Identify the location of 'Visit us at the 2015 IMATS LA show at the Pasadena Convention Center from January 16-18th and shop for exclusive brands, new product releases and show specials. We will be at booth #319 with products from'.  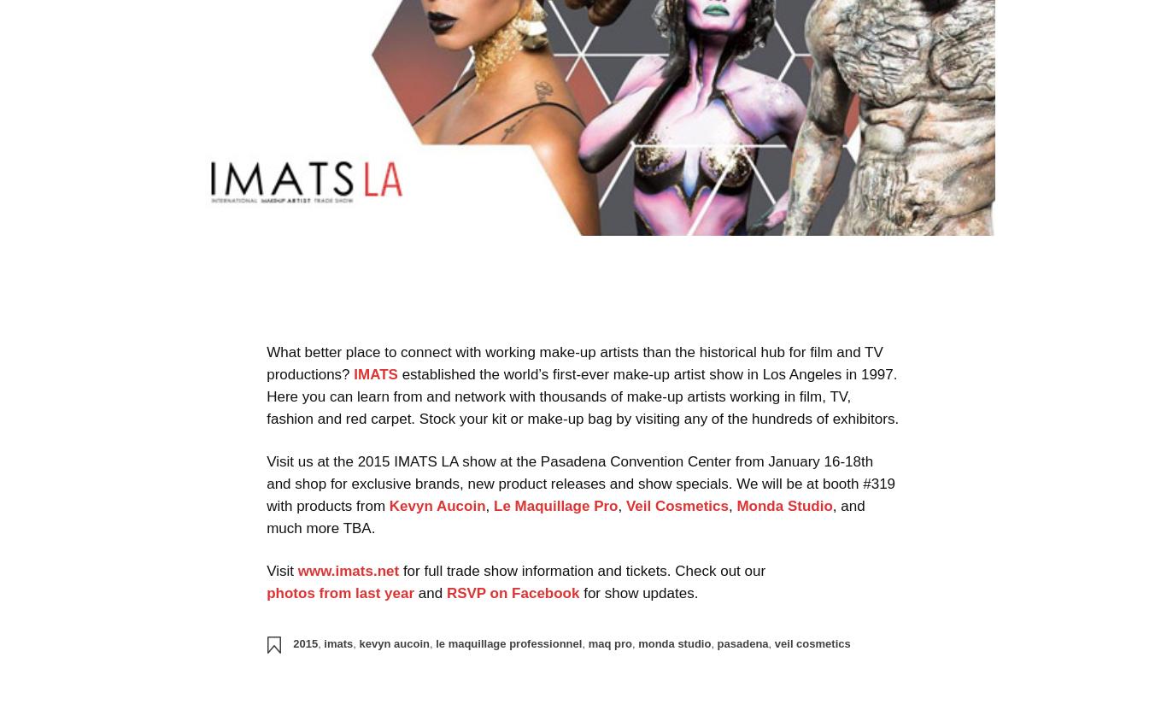
(579, 483).